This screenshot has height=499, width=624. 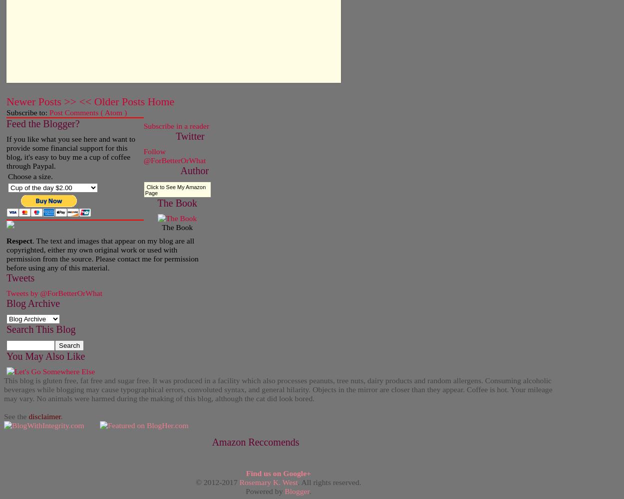 What do you see at coordinates (45, 355) in the screenshot?
I see `'You May Also Like'` at bounding box center [45, 355].